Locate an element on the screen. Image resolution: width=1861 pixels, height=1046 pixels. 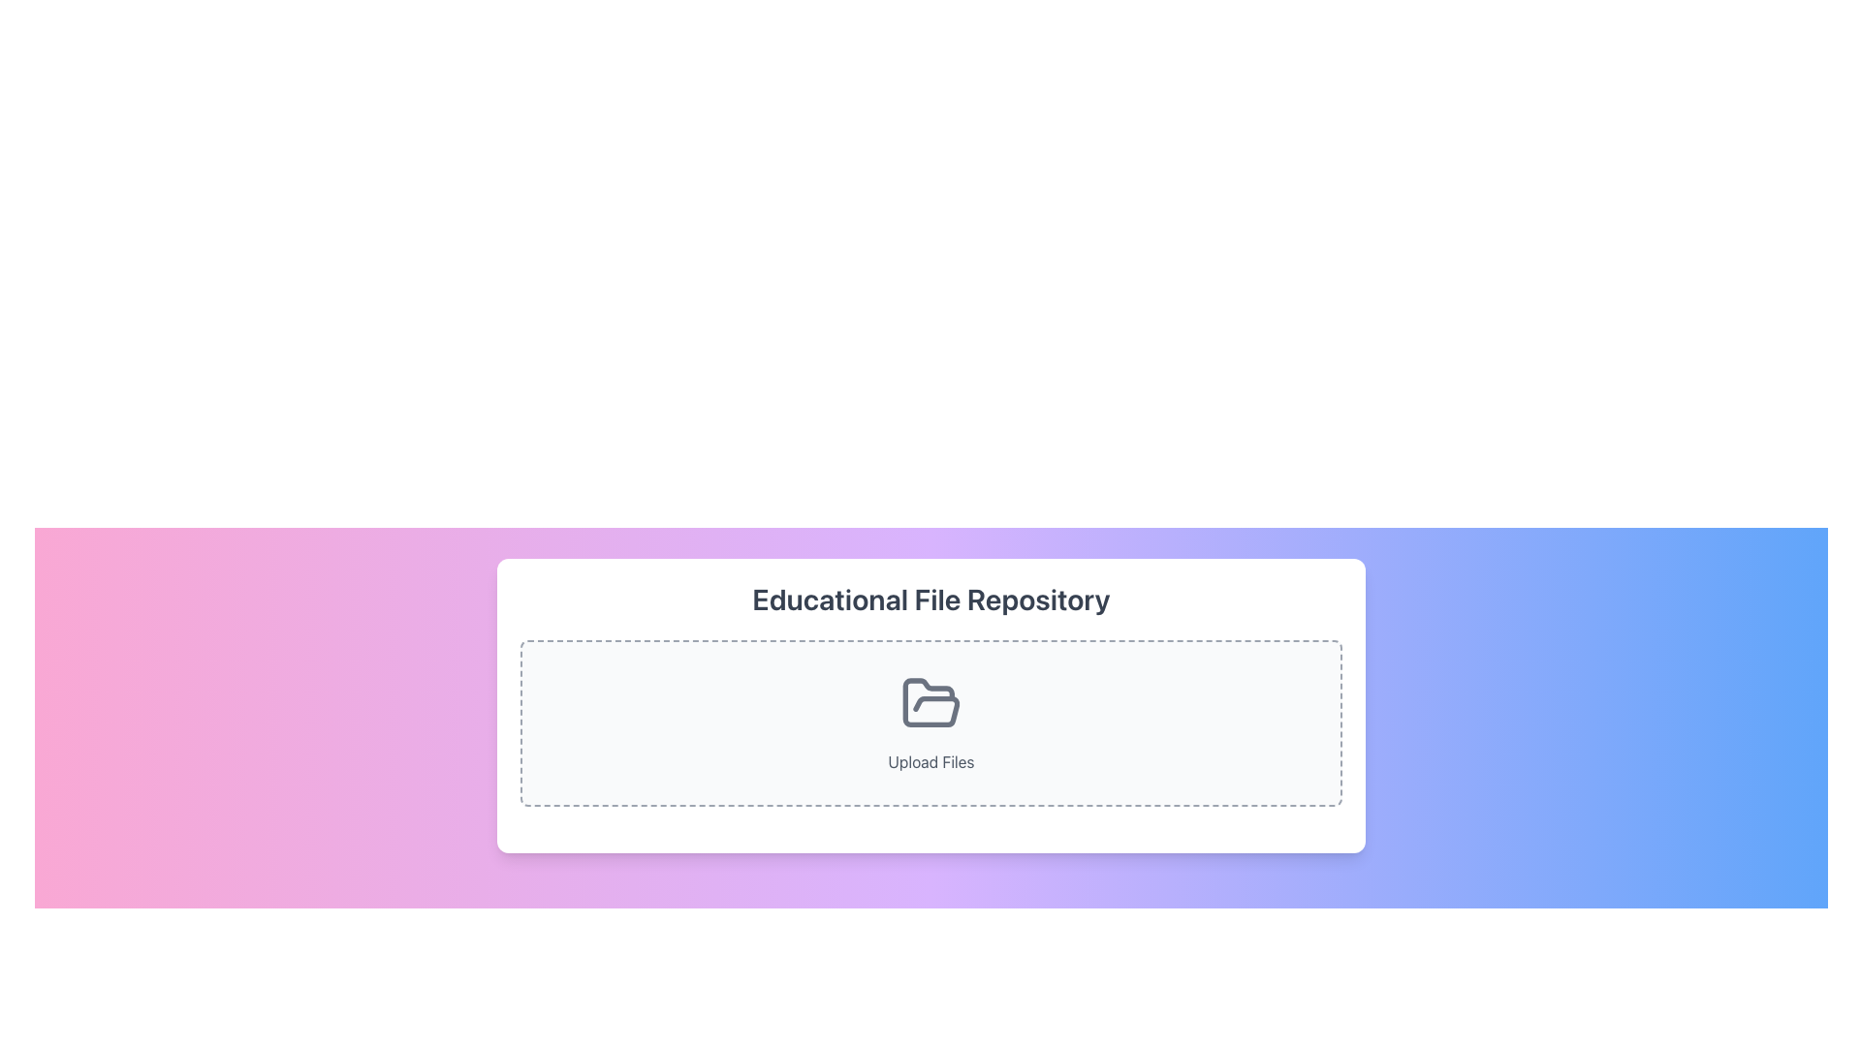
the folder icon within the 'Educational File Repository' card is located at coordinates (930, 706).